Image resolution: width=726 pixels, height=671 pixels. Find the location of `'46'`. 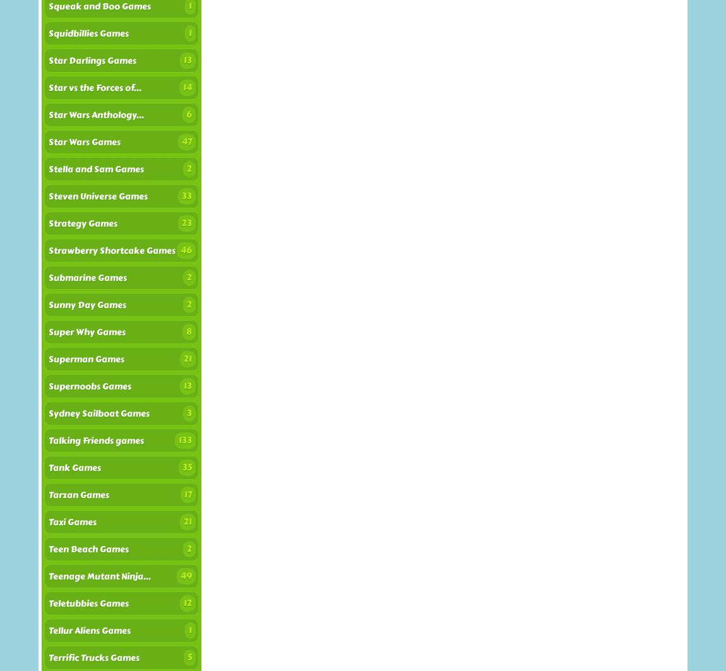

'46' is located at coordinates (186, 250).